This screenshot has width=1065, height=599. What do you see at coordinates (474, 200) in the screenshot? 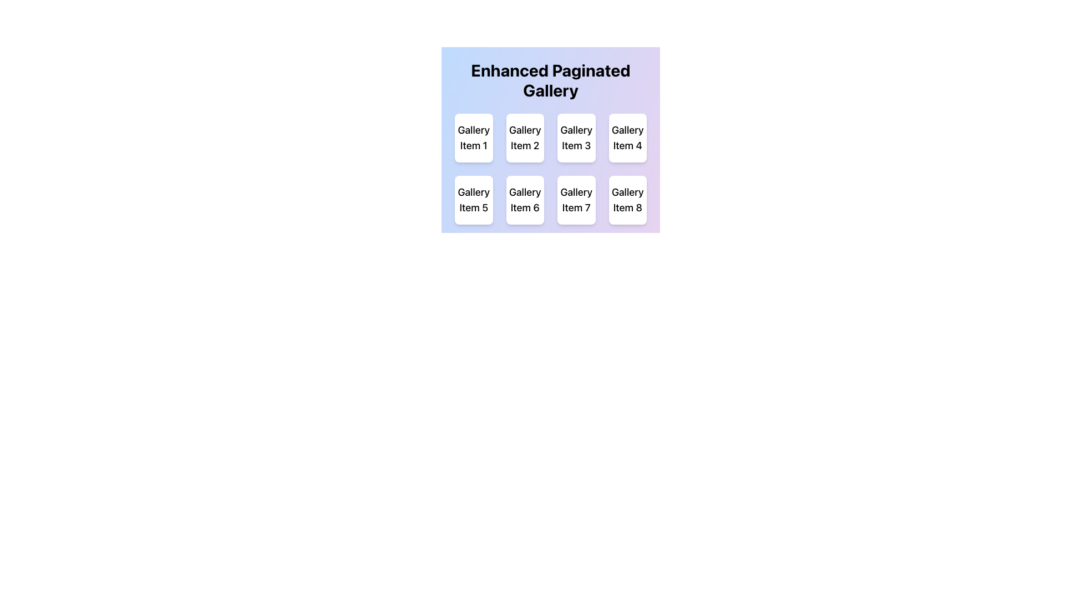
I see `text label 'Gallery Item 5' which is styled in a larger, bold font and is located in the second row, first column of the gallery layout` at bounding box center [474, 200].